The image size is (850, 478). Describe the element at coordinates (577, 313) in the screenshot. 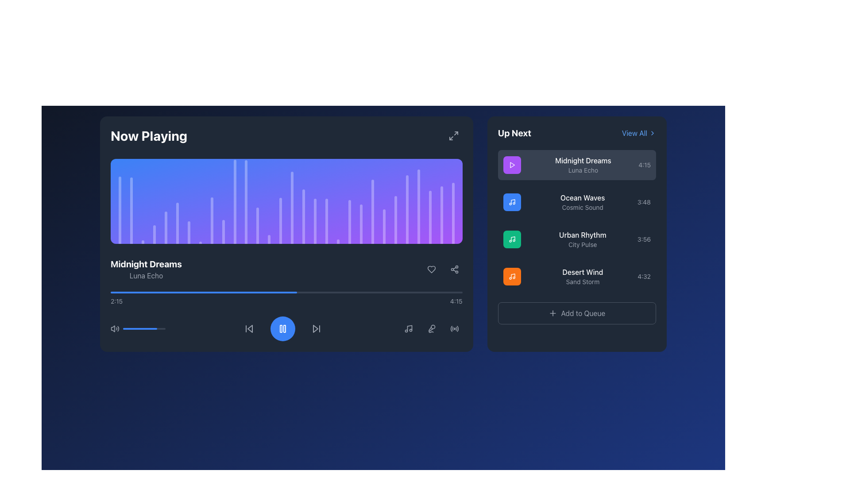

I see `the 'Add to Queue' button located at the bottom of the 'Up Next' section` at that location.